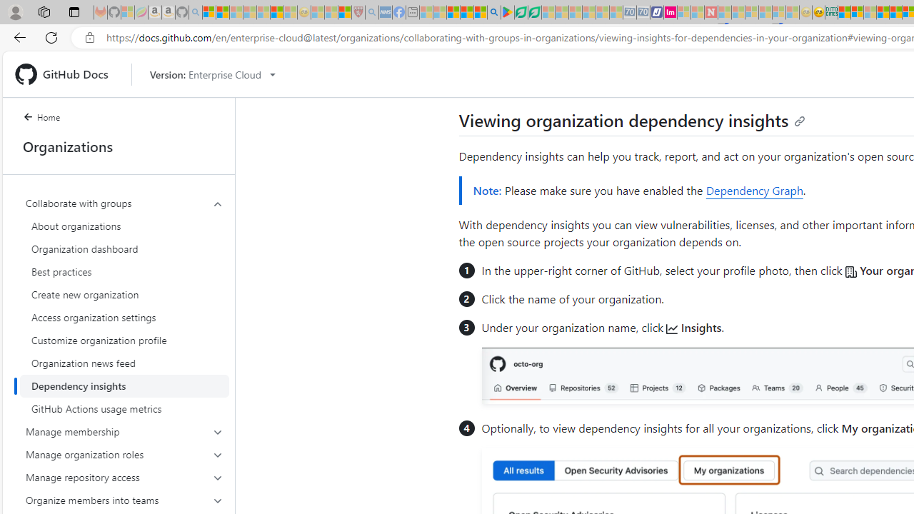 The width and height of the screenshot is (914, 514). What do you see at coordinates (124, 316) in the screenshot?
I see `'Access organization settings'` at bounding box center [124, 316].